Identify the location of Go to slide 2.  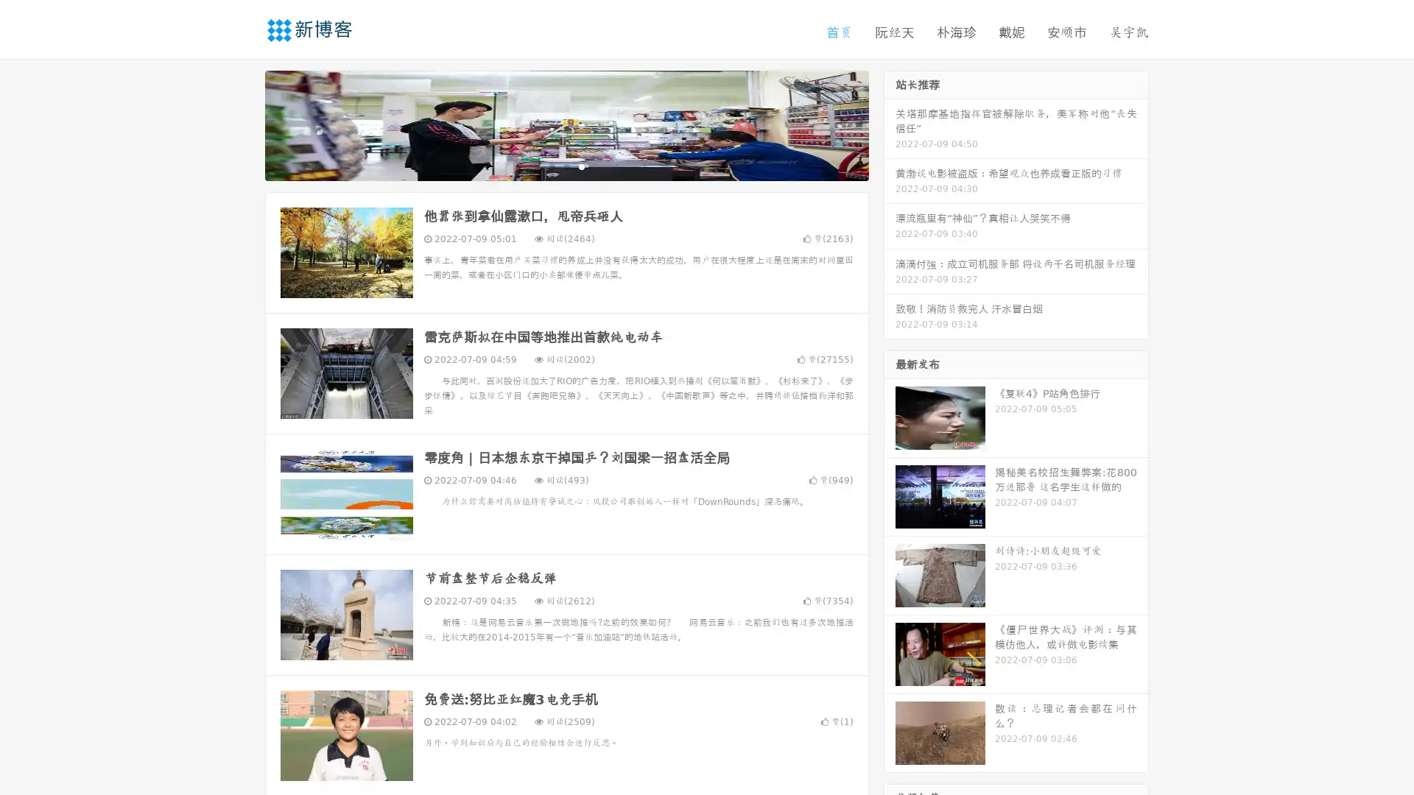
(566, 166).